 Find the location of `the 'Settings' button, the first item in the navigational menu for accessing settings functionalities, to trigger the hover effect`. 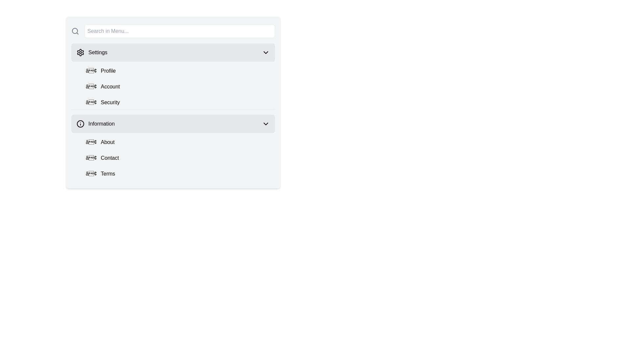

the 'Settings' button, the first item in the navigational menu for accessing settings functionalities, to trigger the hover effect is located at coordinates (173, 52).